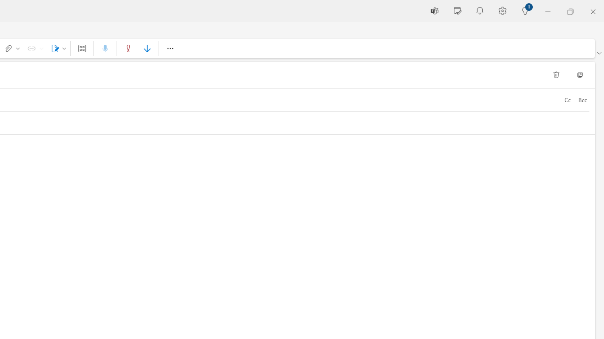  What do you see at coordinates (582, 100) in the screenshot?
I see `'Bcc'` at bounding box center [582, 100].